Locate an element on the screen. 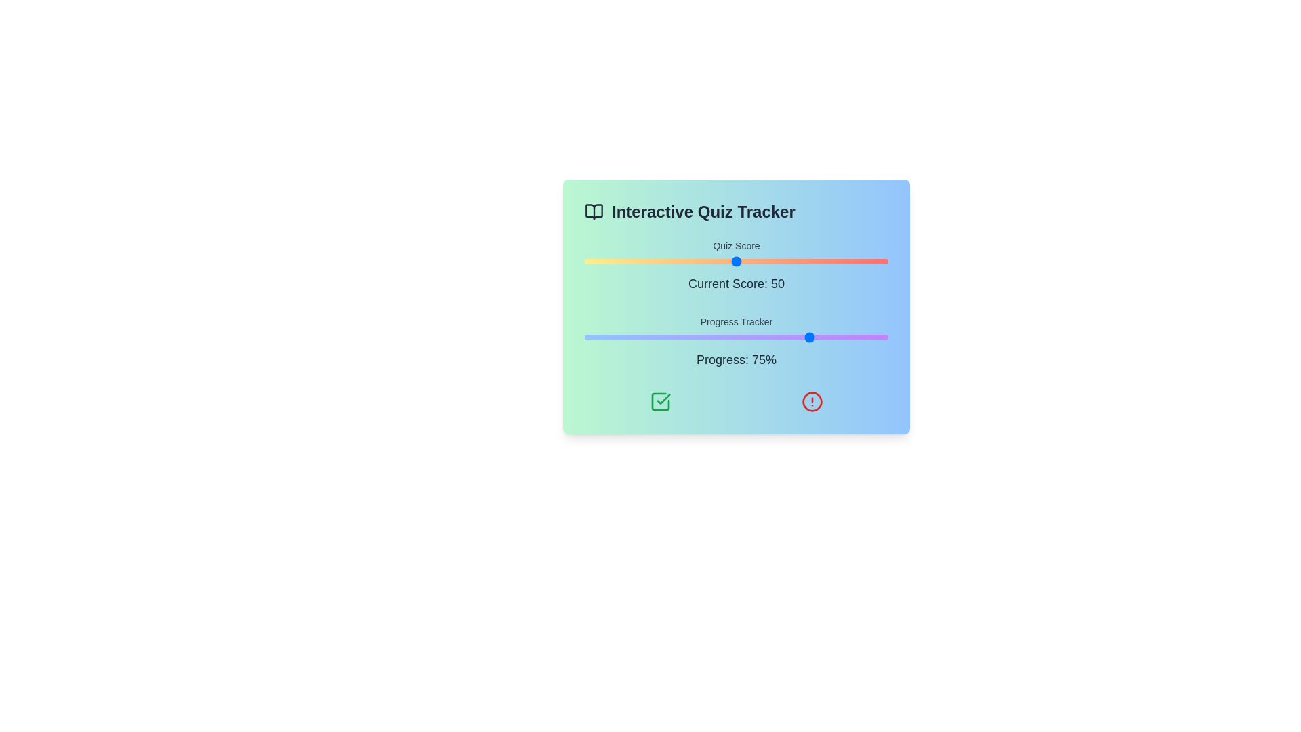 The image size is (1301, 732). the quiz score slider to set the score to 62 is located at coordinates (772, 261).